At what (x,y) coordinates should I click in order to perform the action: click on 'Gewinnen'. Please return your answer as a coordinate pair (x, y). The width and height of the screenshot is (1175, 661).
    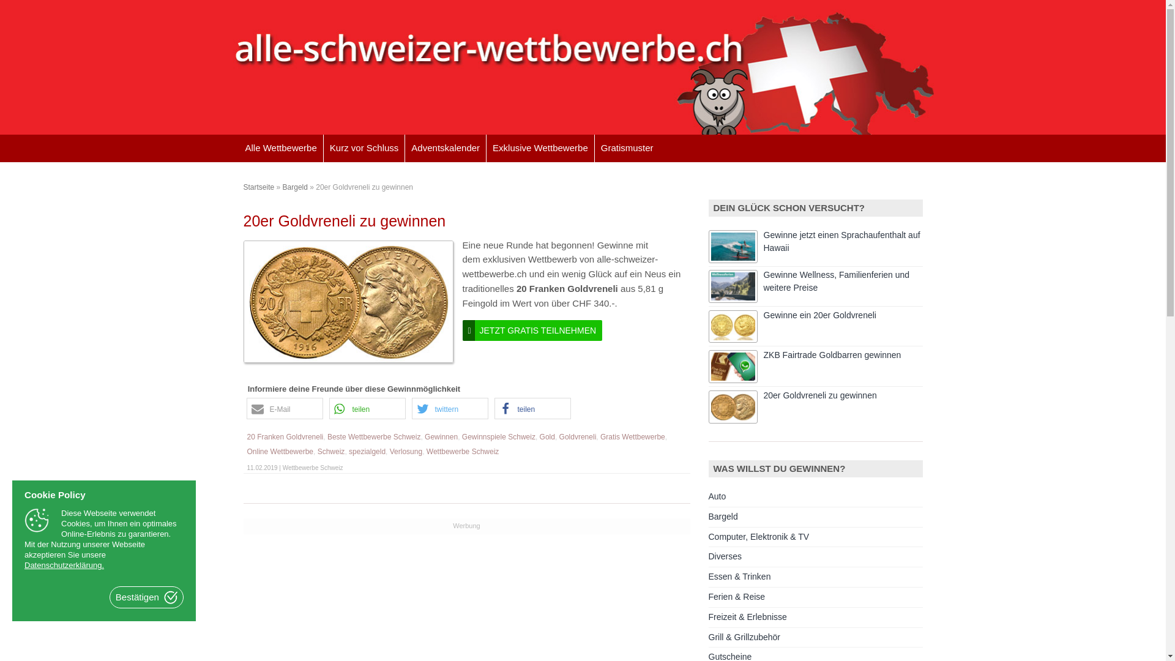
    Looking at the image, I should click on (425, 436).